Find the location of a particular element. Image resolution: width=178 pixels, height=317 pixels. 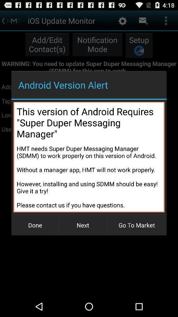

button to the left of go to market is located at coordinates (83, 225).